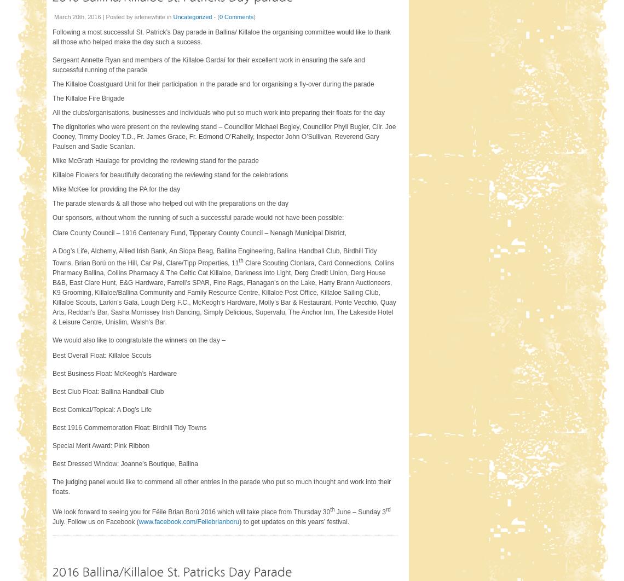  I want to click on 'Best Comical/Topical: A Dog’s Life', so click(51, 409).